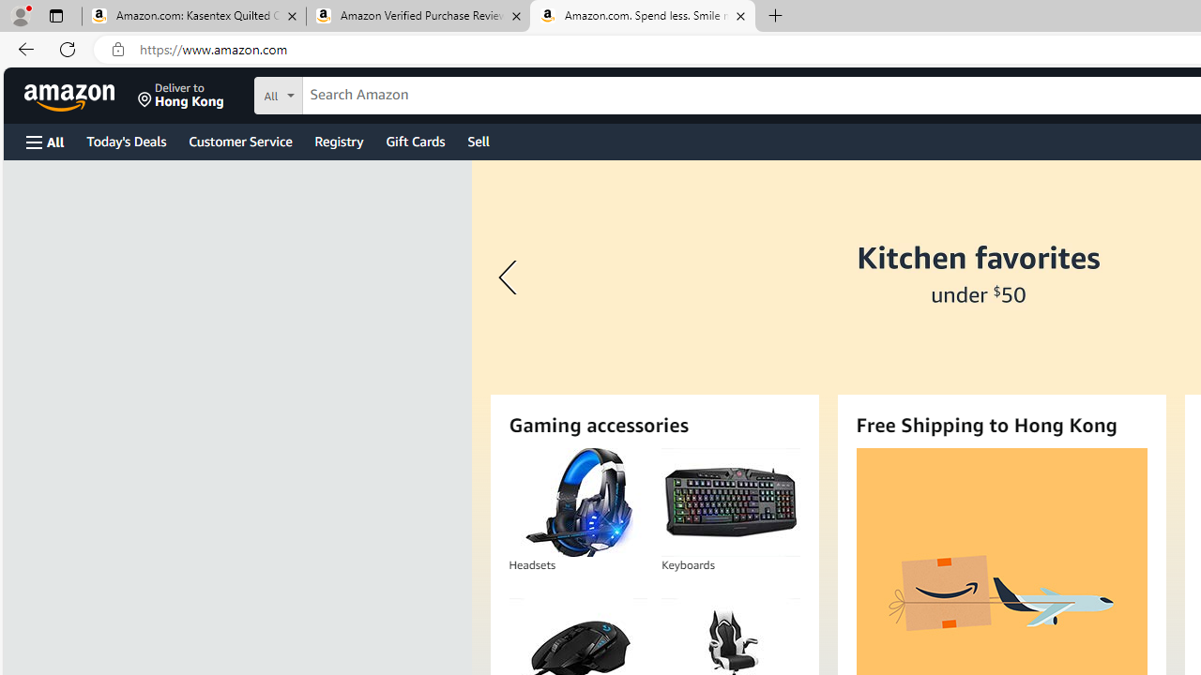 This screenshot has height=675, width=1201. I want to click on 'Gift Cards', so click(414, 140).